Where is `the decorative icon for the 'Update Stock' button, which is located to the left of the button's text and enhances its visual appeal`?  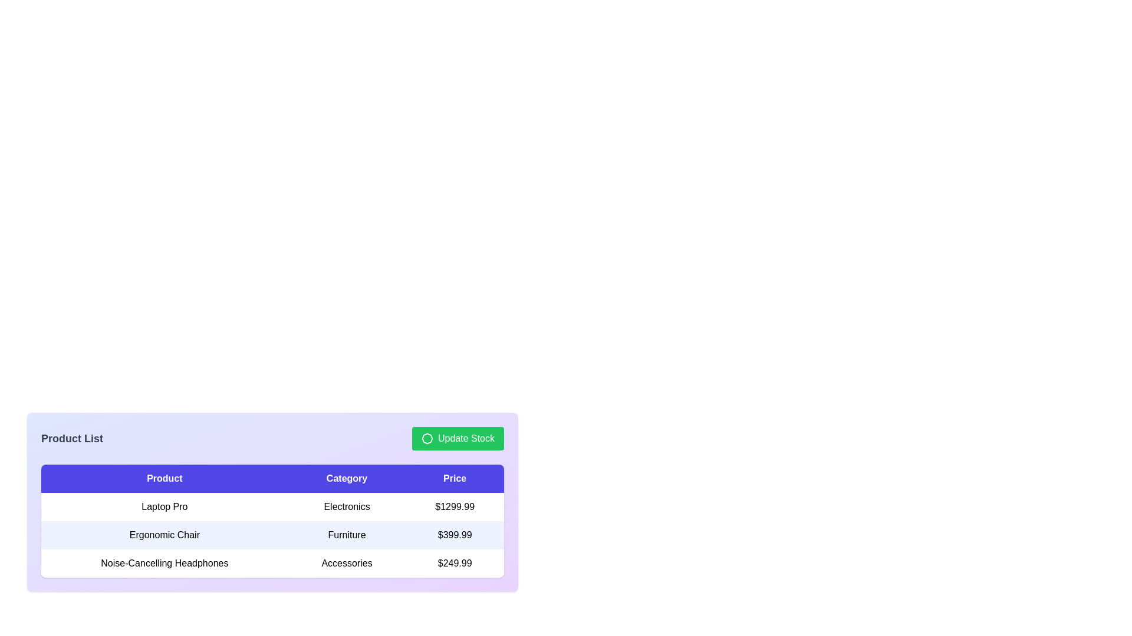 the decorative icon for the 'Update Stock' button, which is located to the left of the button's text and enhances its visual appeal is located at coordinates (426, 438).